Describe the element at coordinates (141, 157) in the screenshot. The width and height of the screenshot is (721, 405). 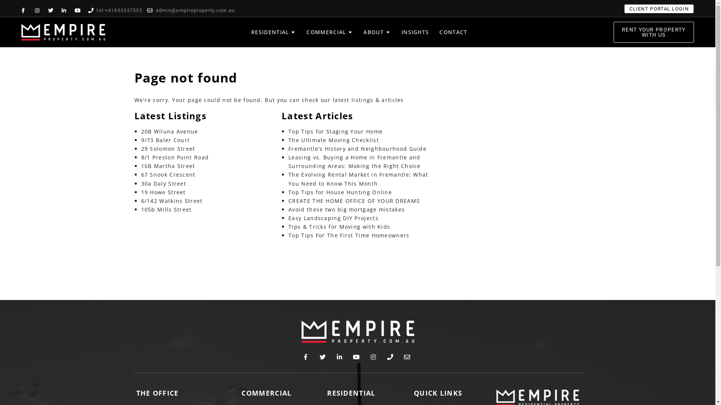
I see `'8/1 Preston Point Road'` at that location.